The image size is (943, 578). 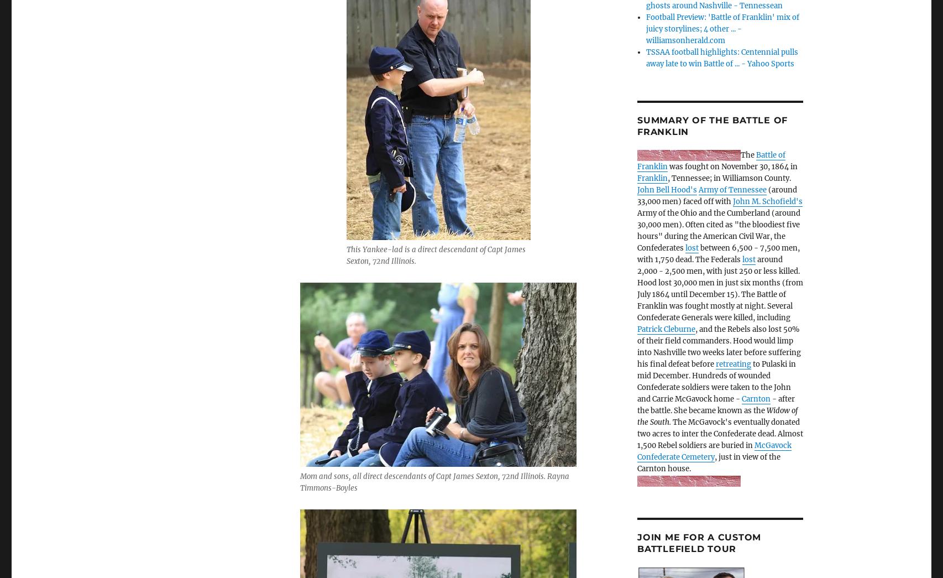 What do you see at coordinates (717, 253) in the screenshot?
I see `'between 6,500 - 7,500 men, with 1,750 dead. The Federals'` at bounding box center [717, 253].